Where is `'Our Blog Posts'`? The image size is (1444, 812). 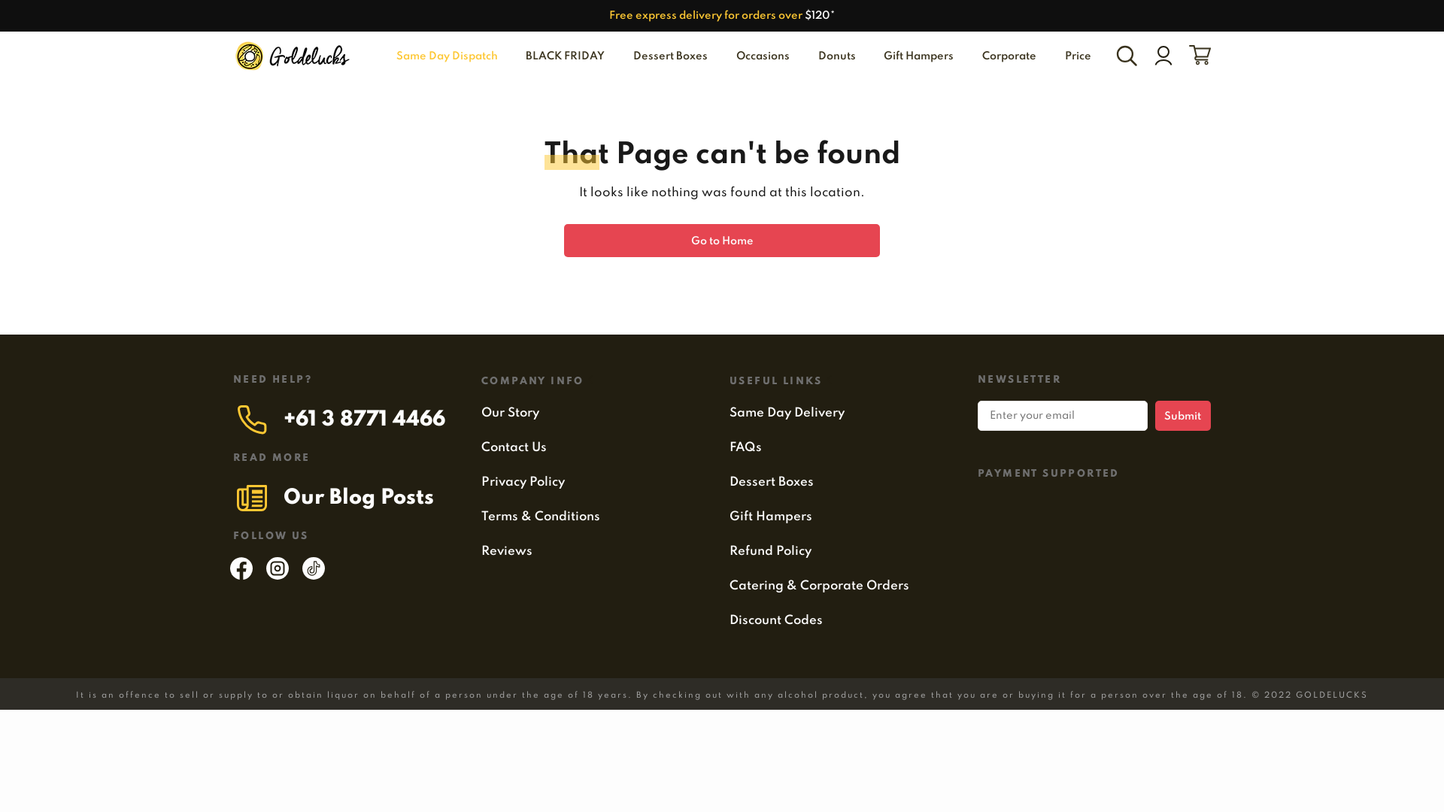
'Our Blog Posts' is located at coordinates (357, 497).